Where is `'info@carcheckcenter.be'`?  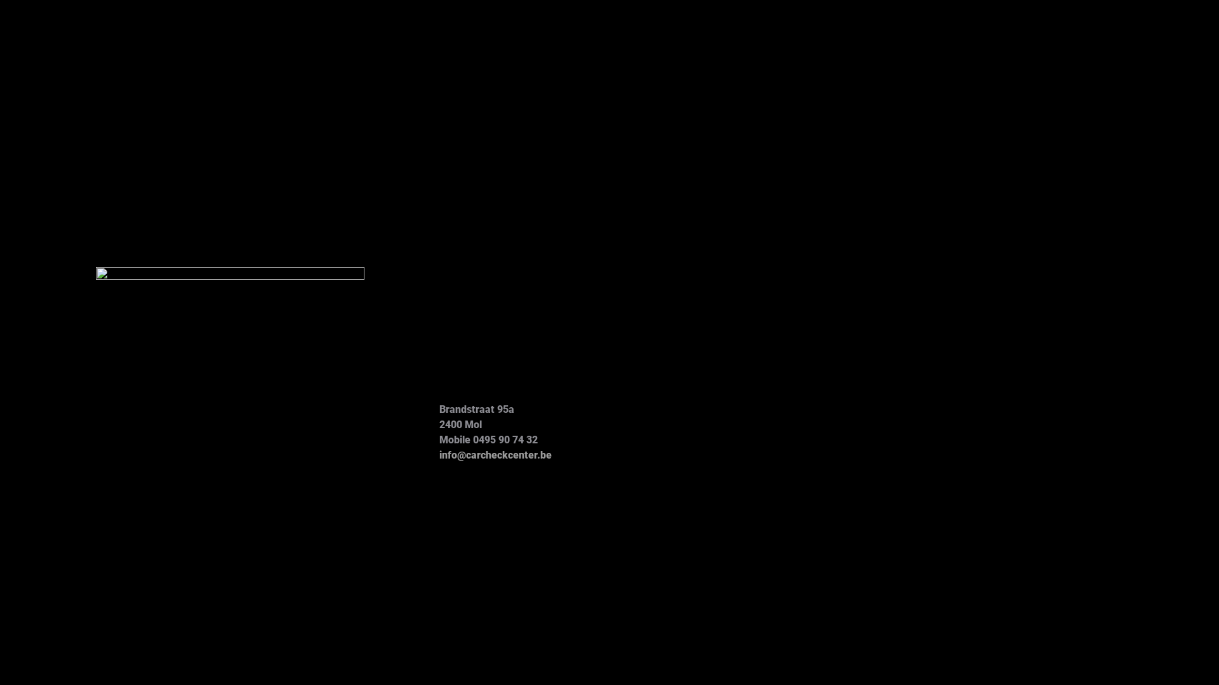 'info@carcheckcenter.be' is located at coordinates (495, 454).